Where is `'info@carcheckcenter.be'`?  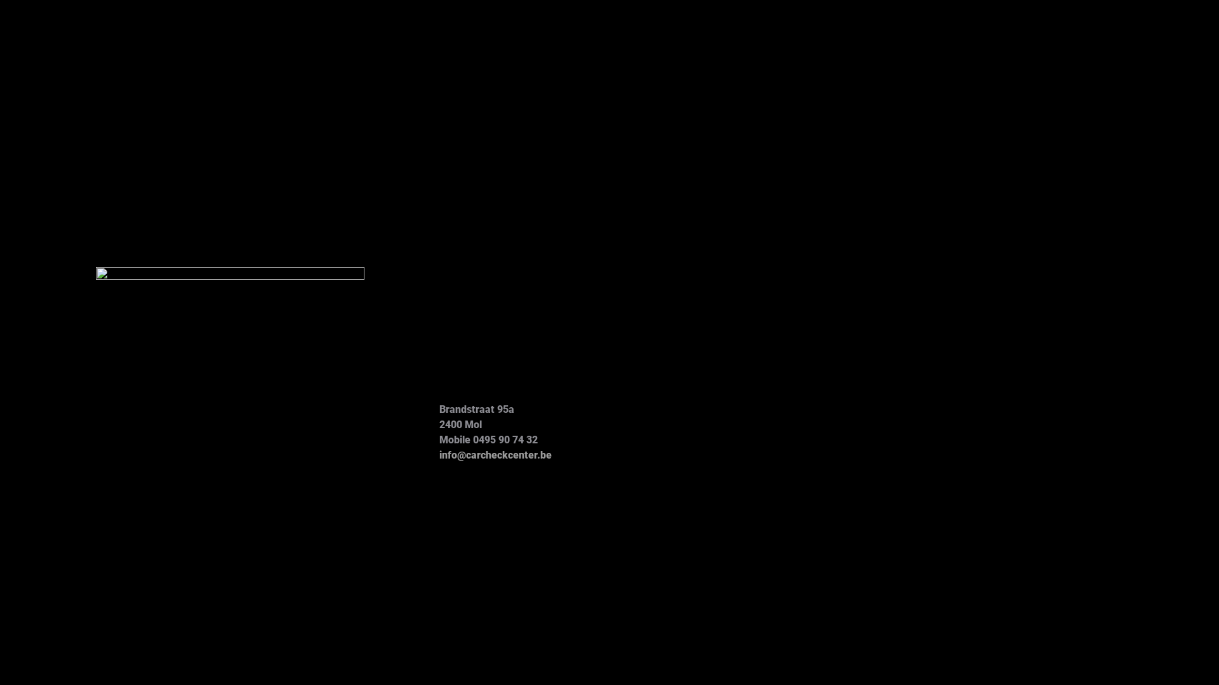 'info@carcheckcenter.be' is located at coordinates (495, 454).